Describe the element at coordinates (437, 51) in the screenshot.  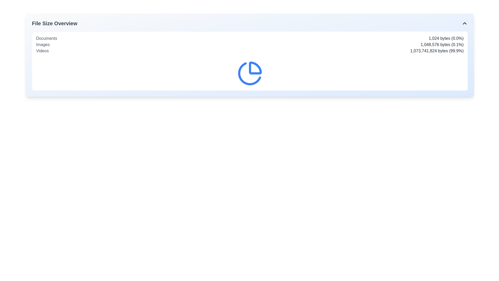
I see `the static text label displaying the size of the 'Videos' category in bytes and percentage, located on the right side of the row aligned with the 'Videos' label` at that location.